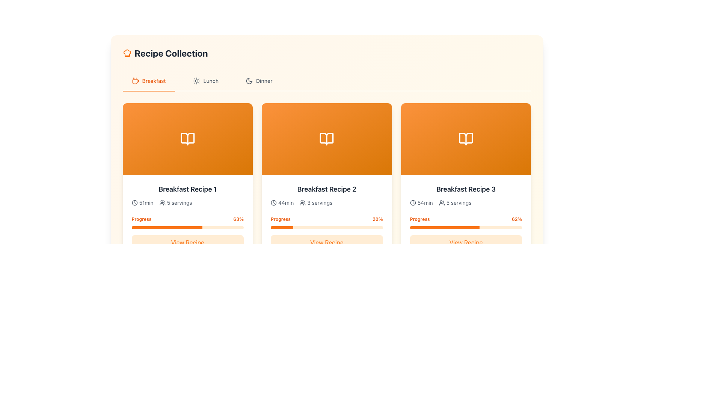  What do you see at coordinates (327, 202) in the screenshot?
I see `the static text display element that provides information about preparation time and serving size, located beneath the heading 'Breakfast Recipe 2' in the center card of the recipe cards` at bounding box center [327, 202].